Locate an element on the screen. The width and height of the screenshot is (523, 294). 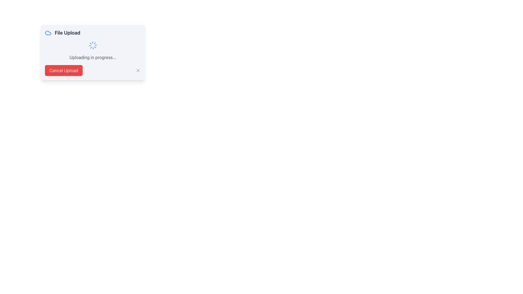
the cloud icon located in the upper-left section of the file upload modal, next to the 'File Upload' title is located at coordinates (48, 33).